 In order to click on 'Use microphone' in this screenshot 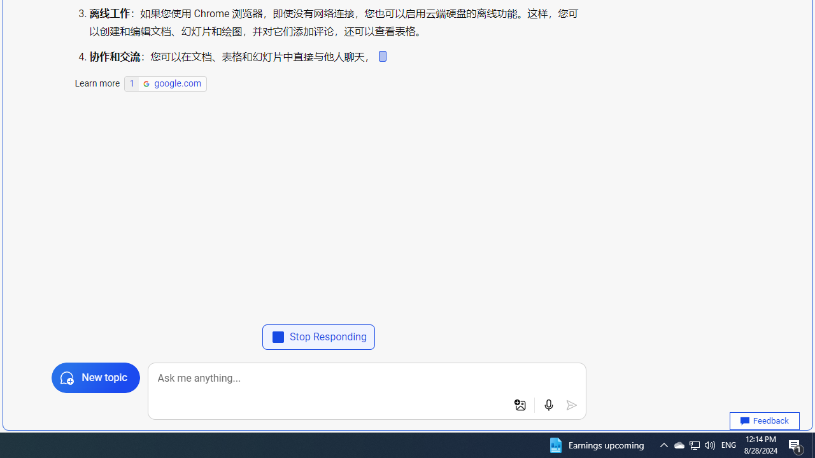, I will do `click(549, 405)`.